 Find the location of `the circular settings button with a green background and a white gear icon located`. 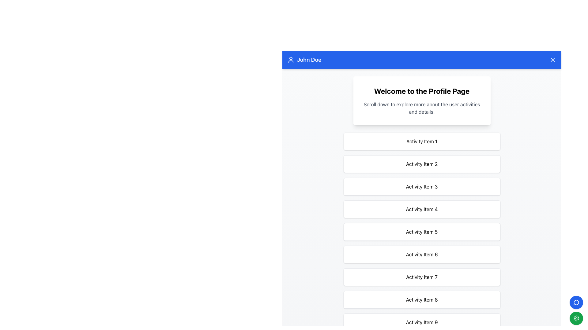

the circular settings button with a green background and a white gear icon located is located at coordinates (576, 318).